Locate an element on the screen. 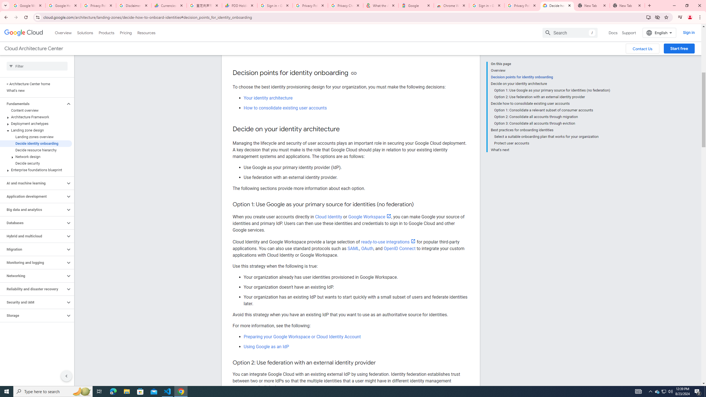 This screenshot has height=397, width=706. 'Sign in - Google Accounts' is located at coordinates (487, 5).